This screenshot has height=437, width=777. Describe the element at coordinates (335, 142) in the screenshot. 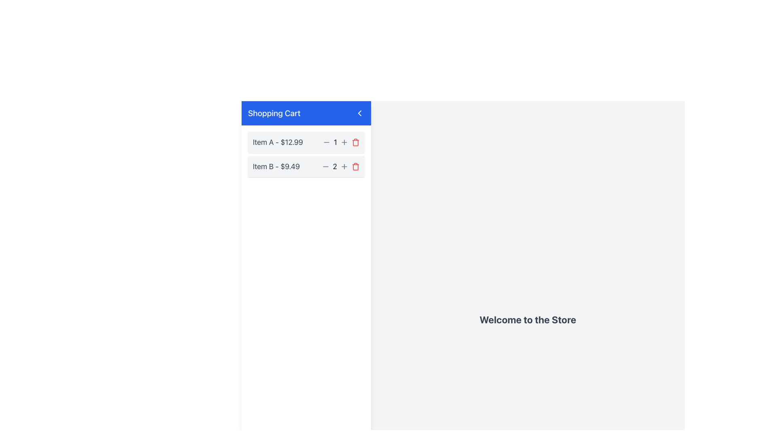

I see `the numeral '1' displayed in a dark shade with a larger font size, located in the top-right corner of the 'Item A' section of the shopping cart, positioned between quantity adjustment elements` at that location.